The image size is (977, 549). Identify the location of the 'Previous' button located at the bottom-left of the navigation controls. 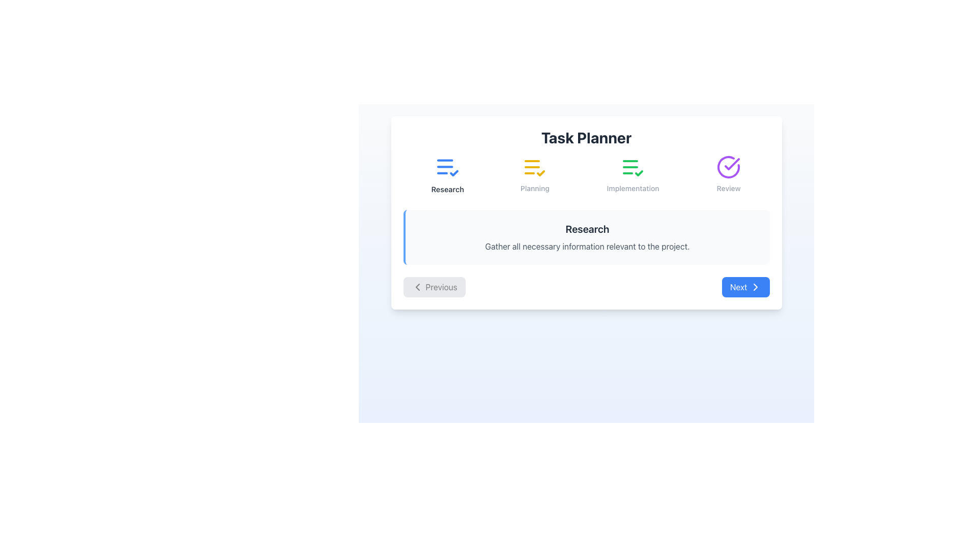
(434, 287).